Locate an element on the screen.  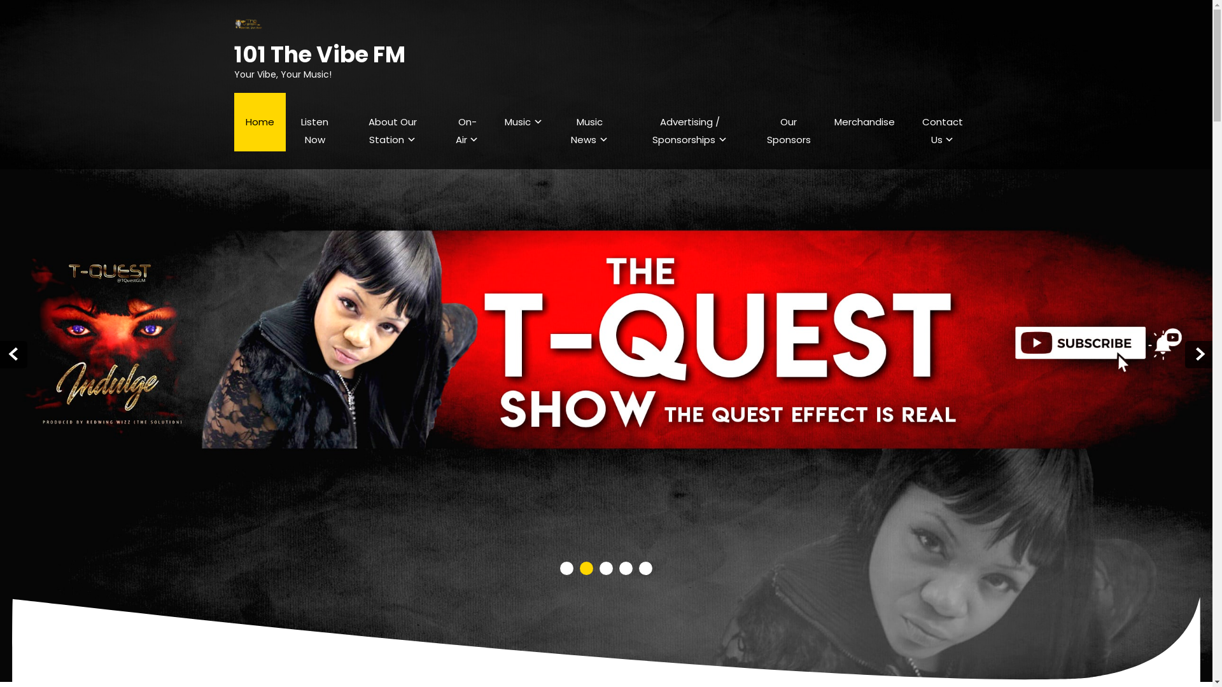
'4' is located at coordinates (626, 567).